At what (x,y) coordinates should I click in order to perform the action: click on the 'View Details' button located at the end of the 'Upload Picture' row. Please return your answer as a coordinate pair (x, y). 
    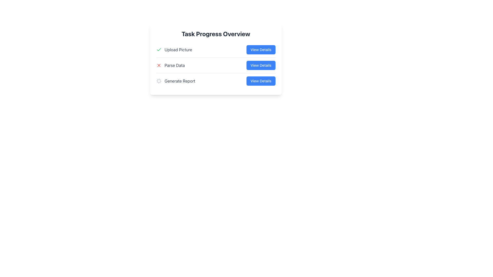
    Looking at the image, I should click on (261, 50).